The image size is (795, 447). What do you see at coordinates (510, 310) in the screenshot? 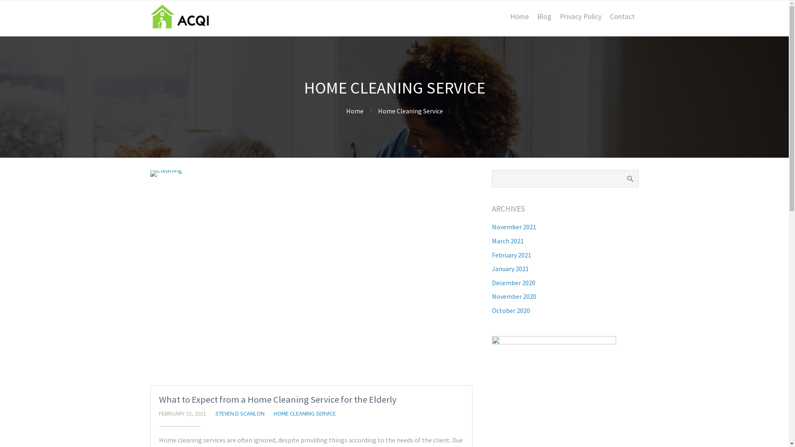
I see `'October 2020'` at bounding box center [510, 310].